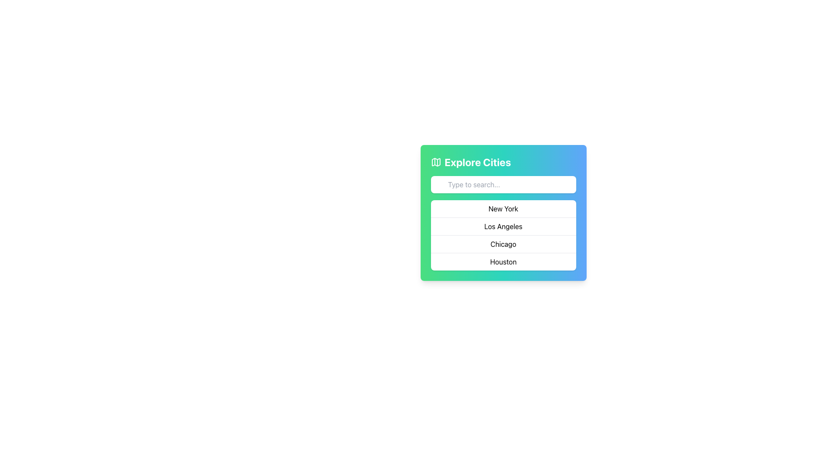  Describe the element at coordinates (503, 261) in the screenshot. I see `the text label representing the city 'Houston', which is the fourth item in a vertical list of selectable options` at that location.